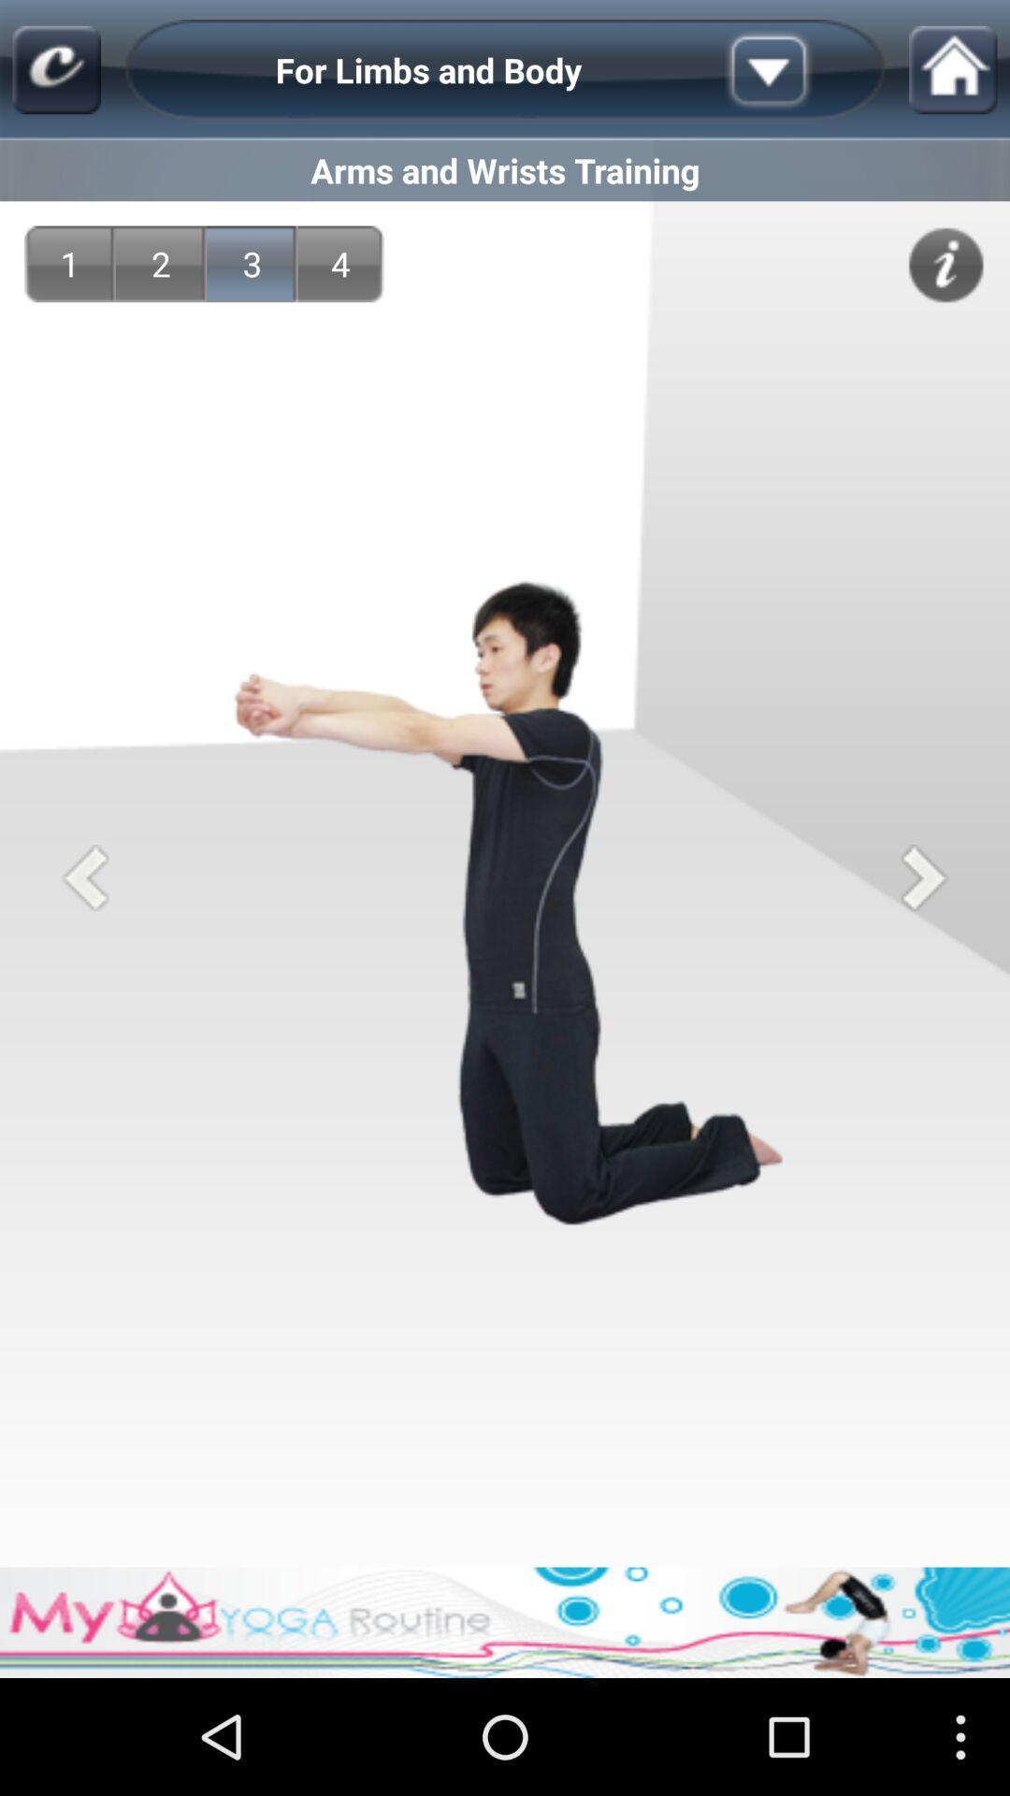 This screenshot has width=1010, height=1796. I want to click on advertisement, so click(505, 1621).